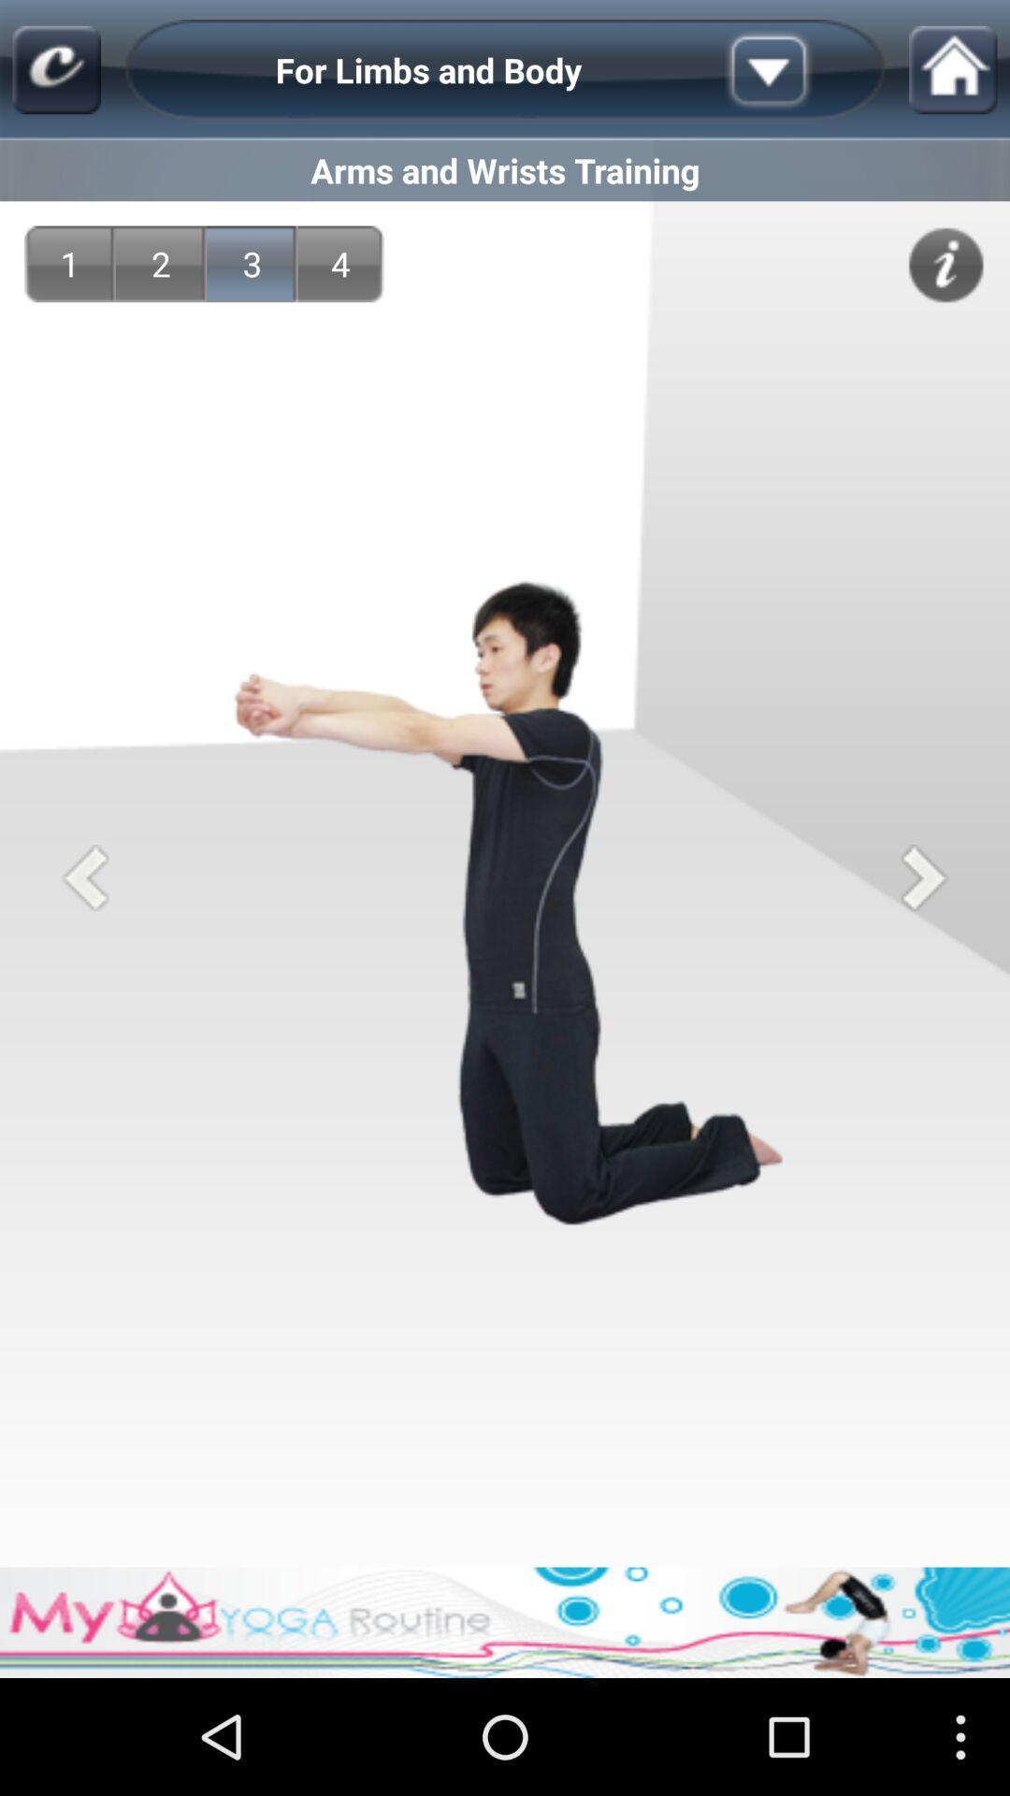 This screenshot has width=1010, height=1796. I want to click on advertisement, so click(505, 1621).